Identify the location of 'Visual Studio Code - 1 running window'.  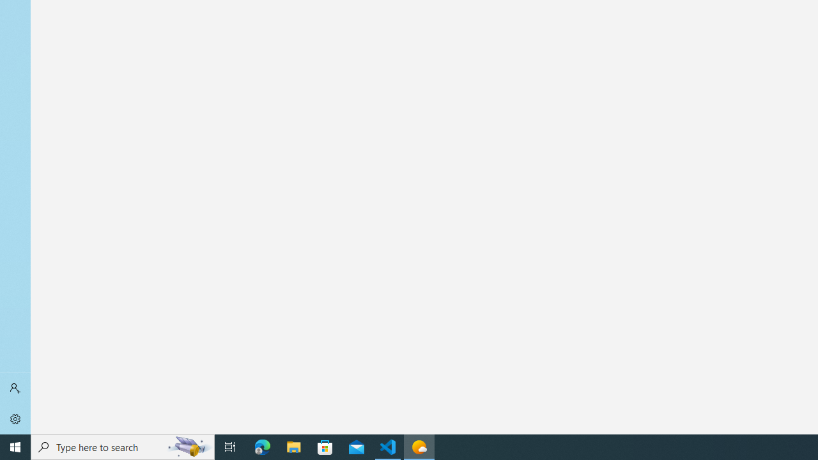
(387, 446).